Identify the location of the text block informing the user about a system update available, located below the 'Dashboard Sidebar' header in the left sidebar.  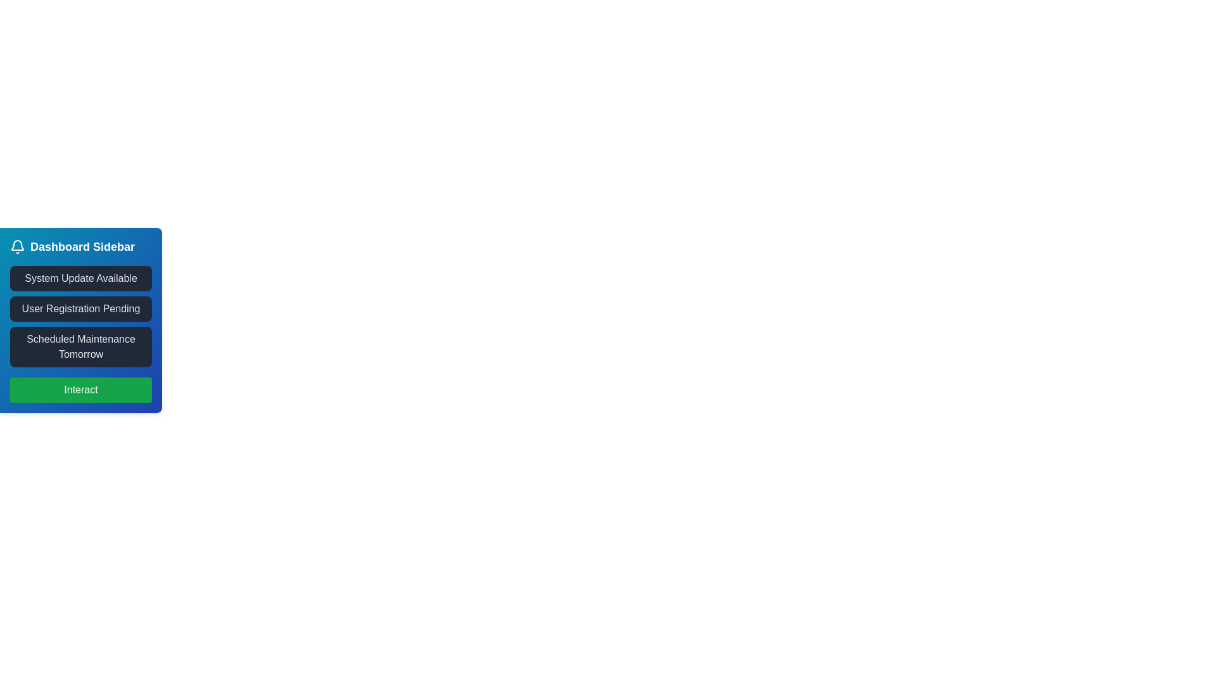
(80, 277).